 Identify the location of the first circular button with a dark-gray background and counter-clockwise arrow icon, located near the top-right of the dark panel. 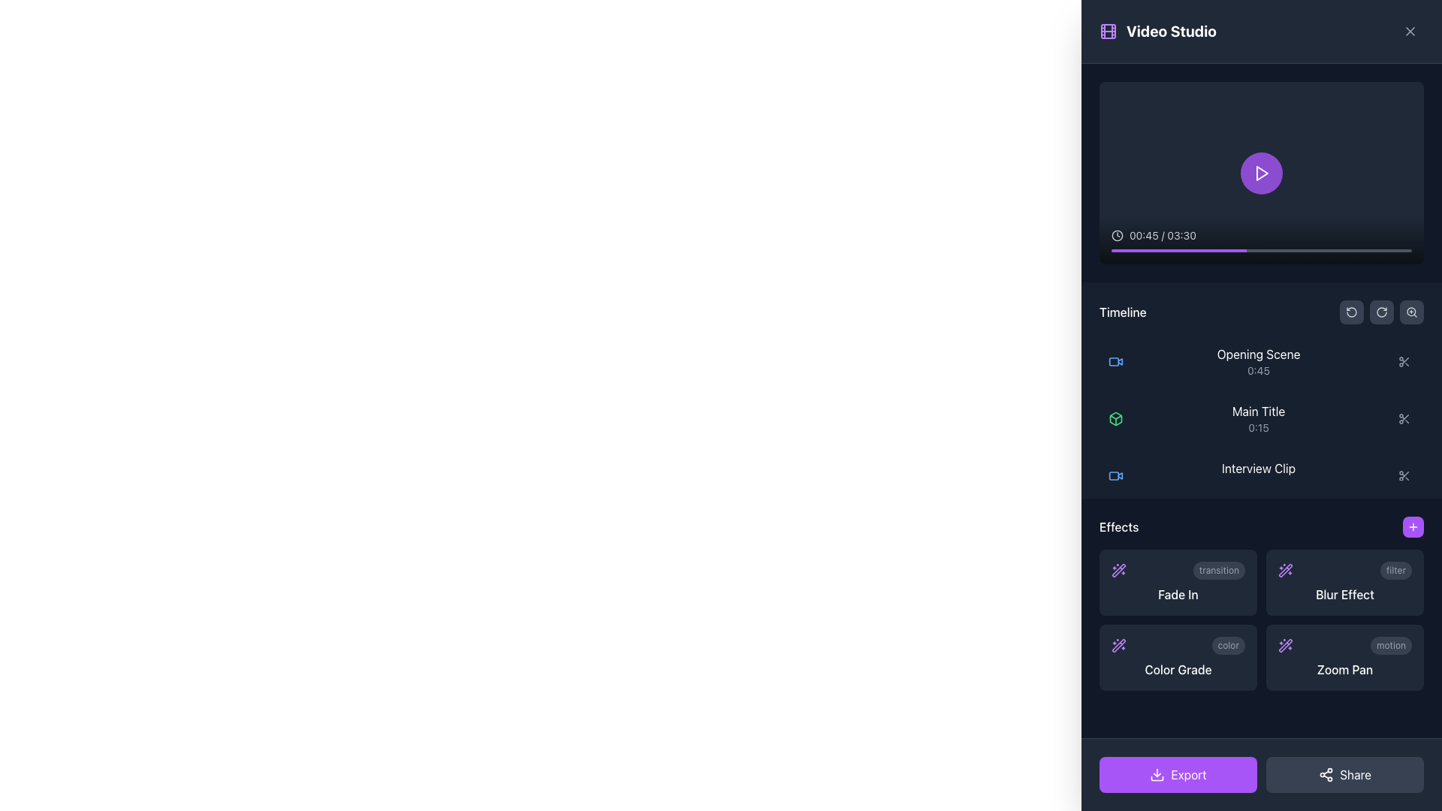
(1352, 312).